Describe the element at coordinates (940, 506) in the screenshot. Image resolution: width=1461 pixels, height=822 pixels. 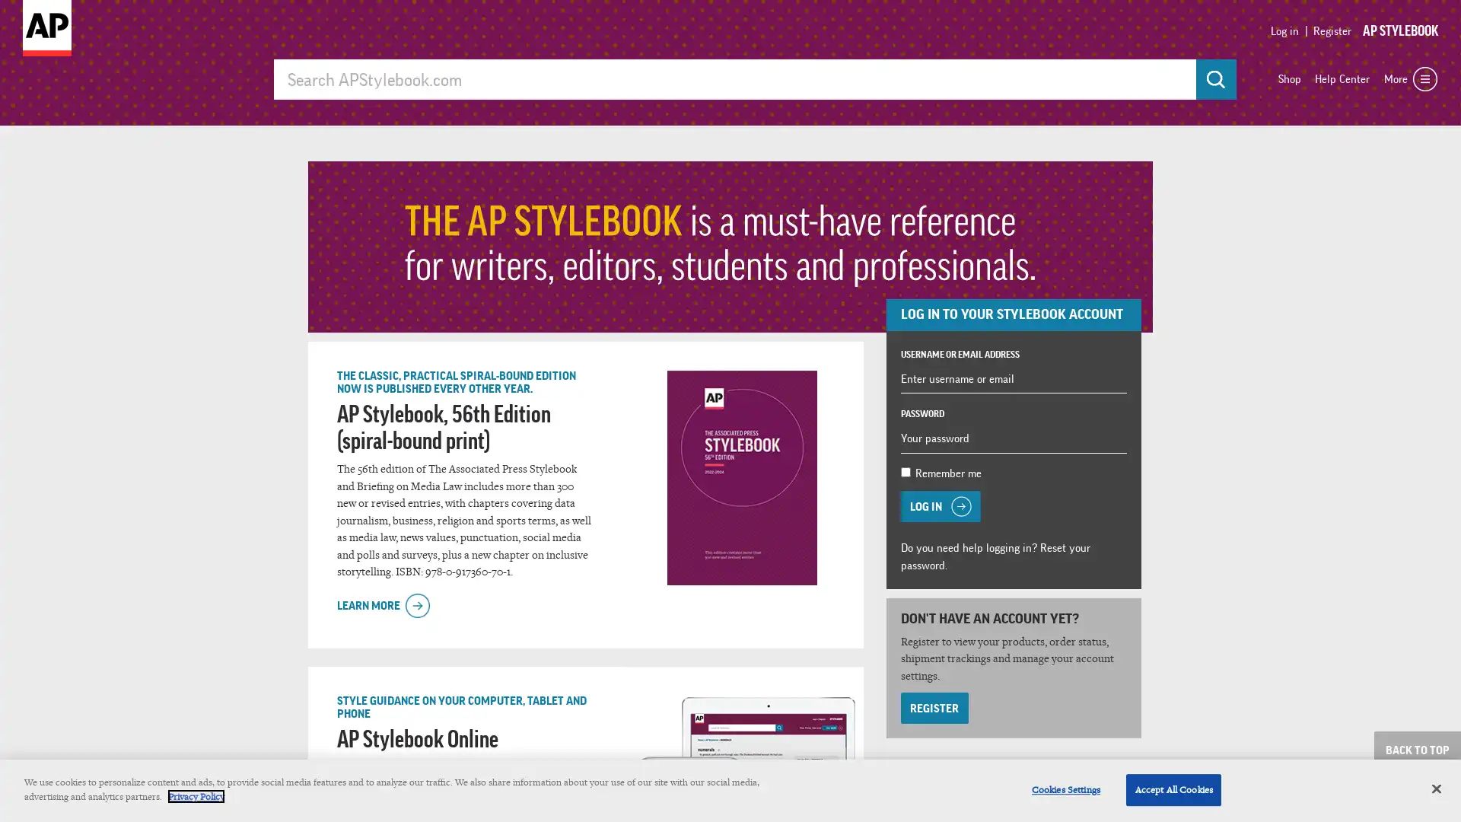
I see `Log in` at that location.